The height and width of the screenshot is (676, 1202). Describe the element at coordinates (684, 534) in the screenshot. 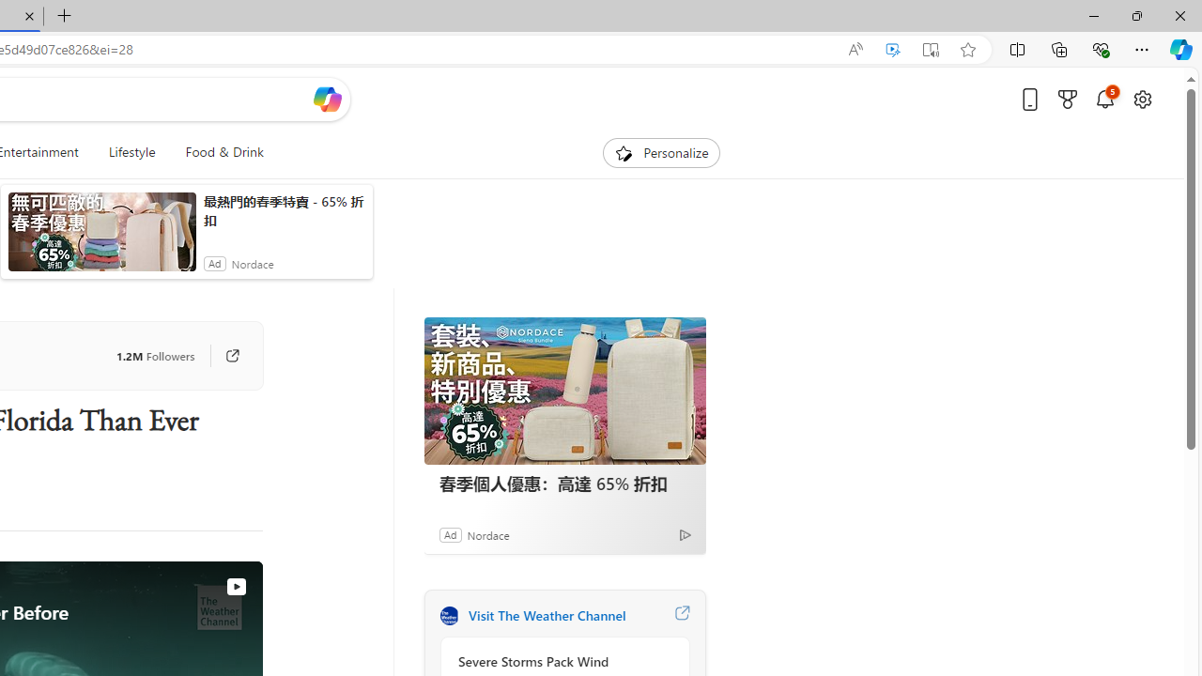

I see `'Ad Choice'` at that location.